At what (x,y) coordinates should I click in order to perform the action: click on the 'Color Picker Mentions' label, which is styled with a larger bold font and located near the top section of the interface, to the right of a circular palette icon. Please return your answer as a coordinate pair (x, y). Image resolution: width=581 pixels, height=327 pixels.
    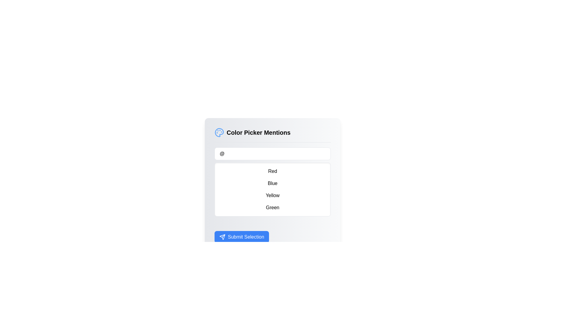
    Looking at the image, I should click on (258, 132).